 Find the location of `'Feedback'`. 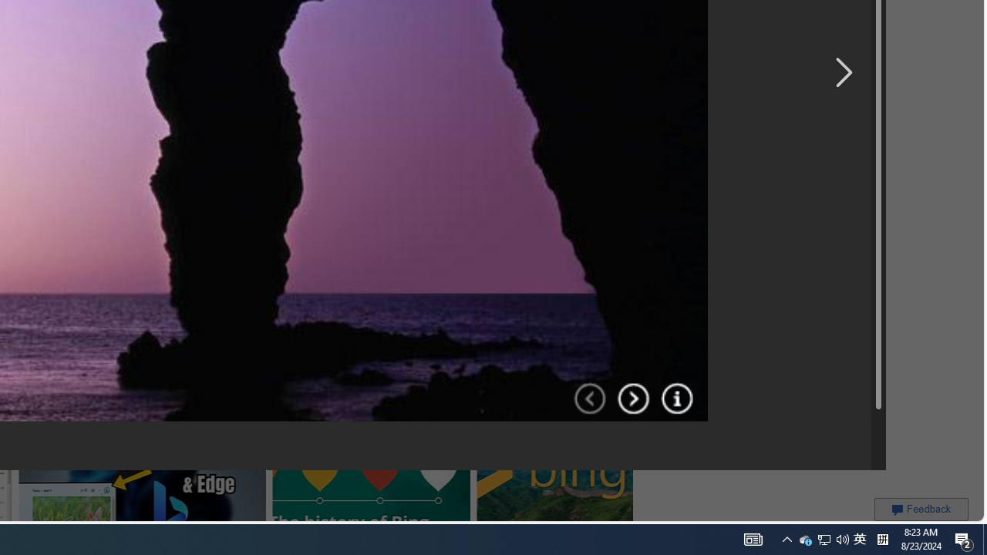

'Feedback' is located at coordinates (921, 509).